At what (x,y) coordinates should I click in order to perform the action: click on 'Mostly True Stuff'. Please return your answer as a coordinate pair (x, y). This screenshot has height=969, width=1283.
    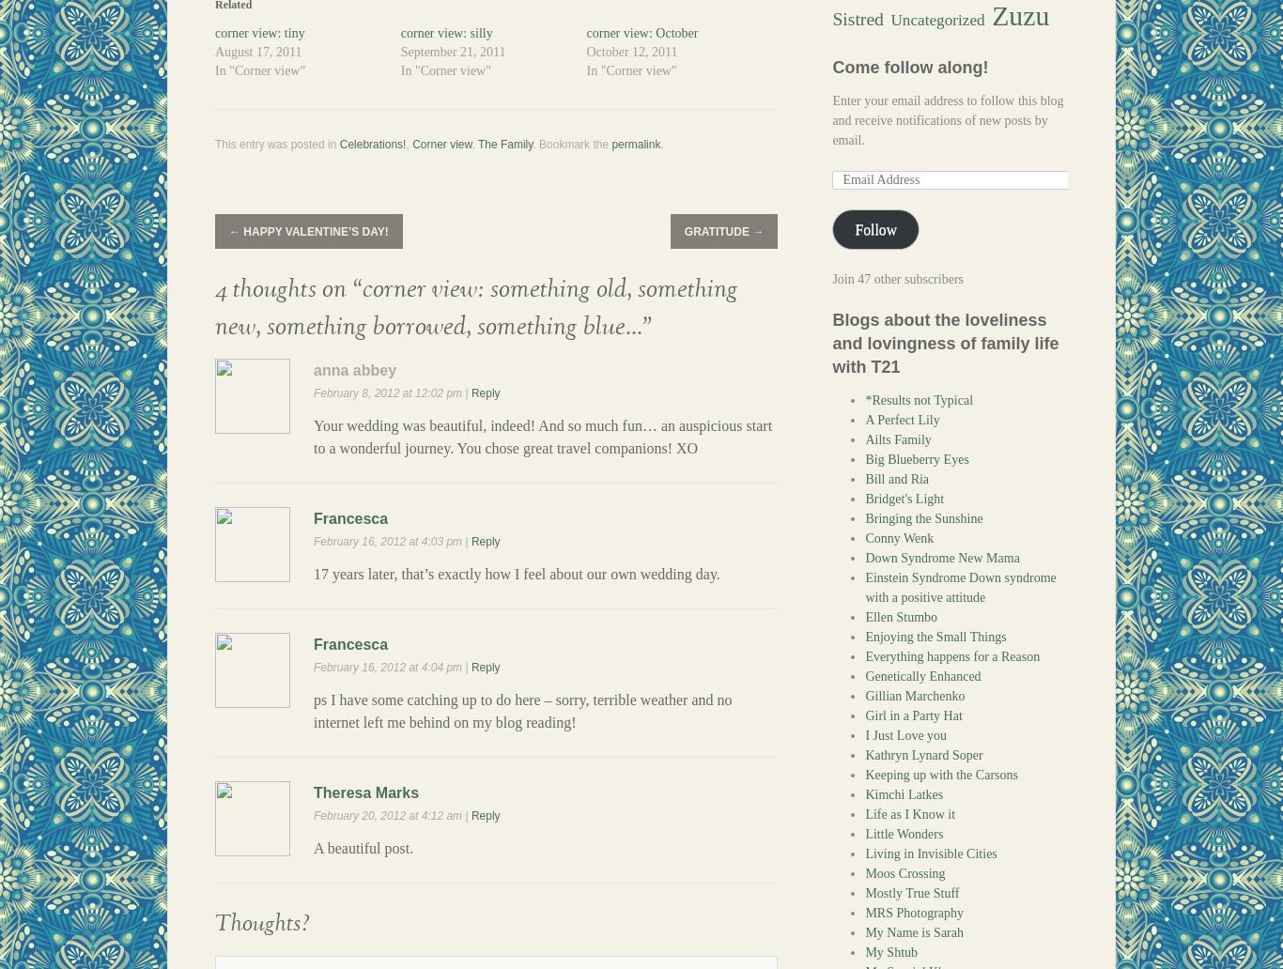
    Looking at the image, I should click on (911, 892).